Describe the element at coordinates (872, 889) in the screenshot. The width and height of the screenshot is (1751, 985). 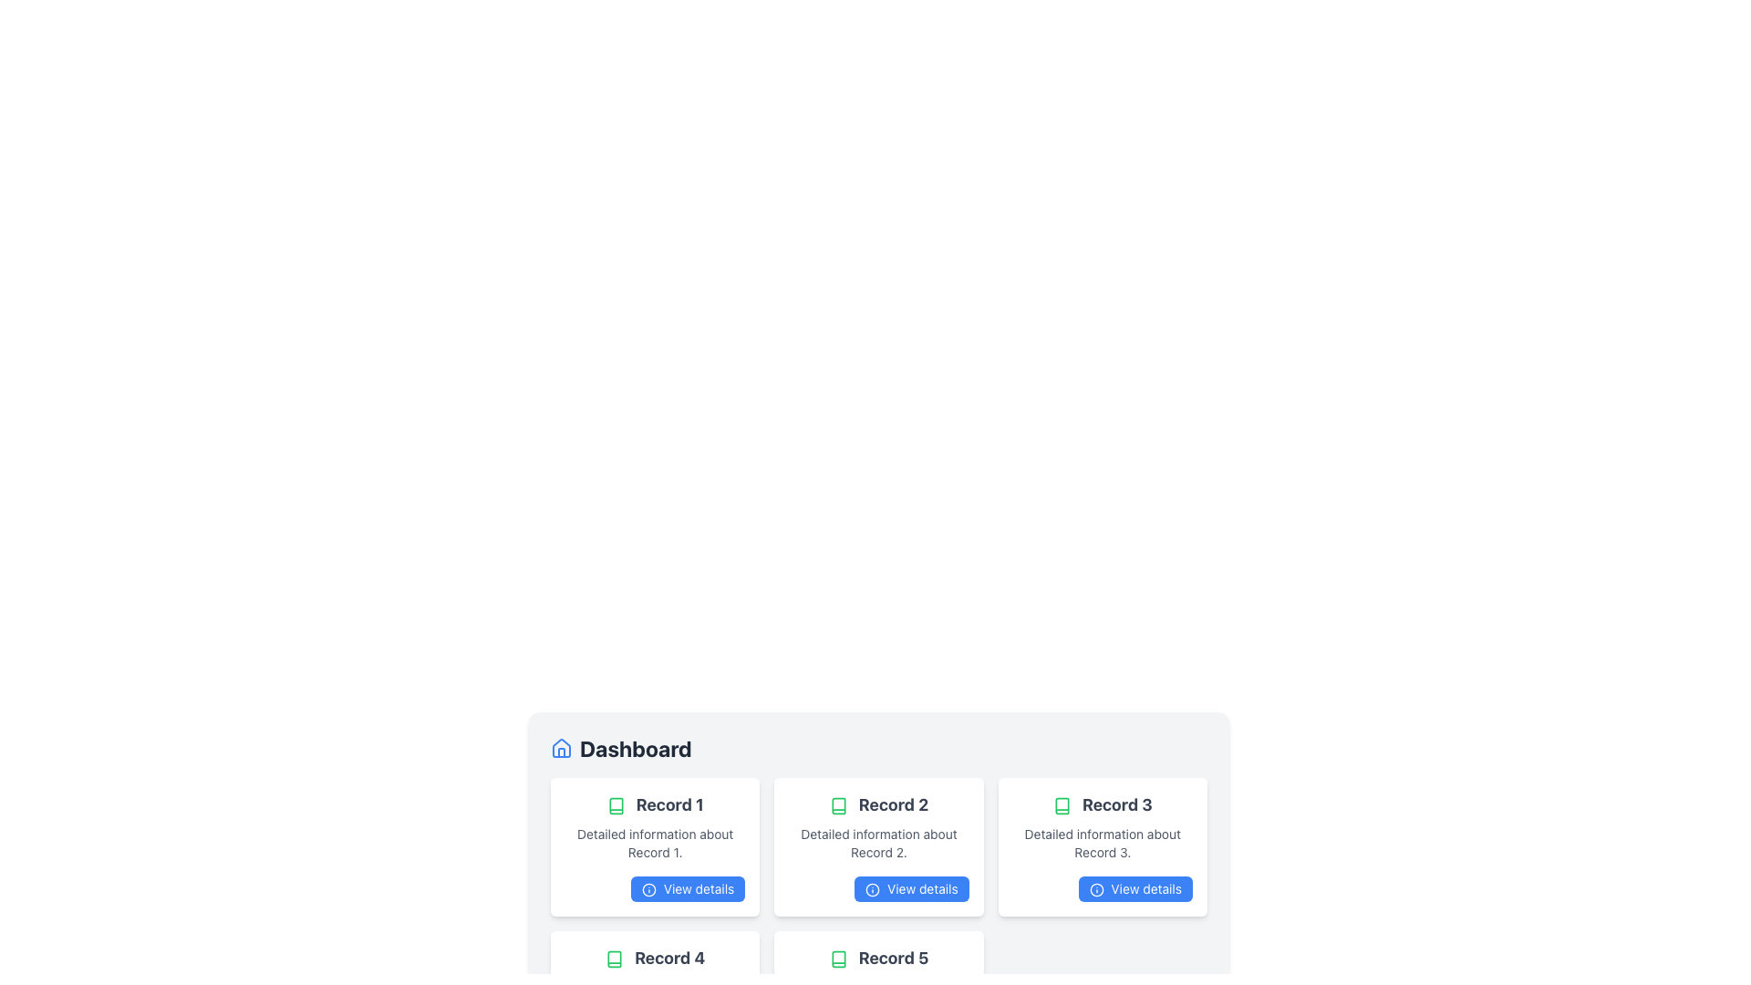
I see `the visual representation of the circular graphical element located within the information icon adjacent to the 'View details' button under the 'Record 3' section` at that location.